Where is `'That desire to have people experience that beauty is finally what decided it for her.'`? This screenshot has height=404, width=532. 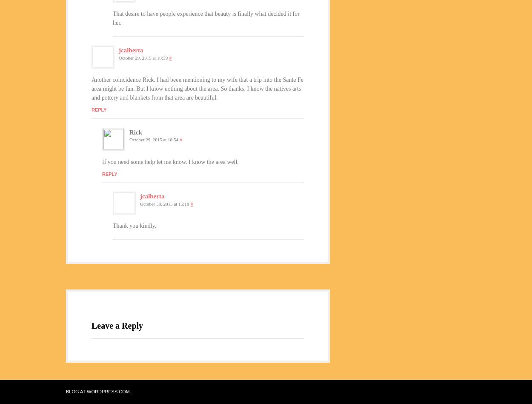 'That desire to have people experience that beauty is finally what decided it for her.' is located at coordinates (206, 18).